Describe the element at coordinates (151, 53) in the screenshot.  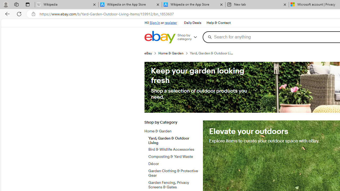
I see `'eBay'` at that location.